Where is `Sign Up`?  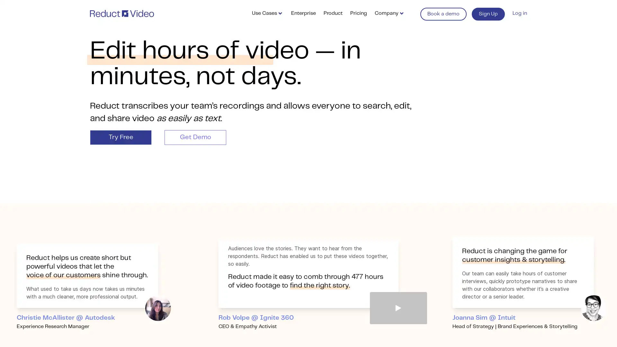
Sign Up is located at coordinates (488, 14).